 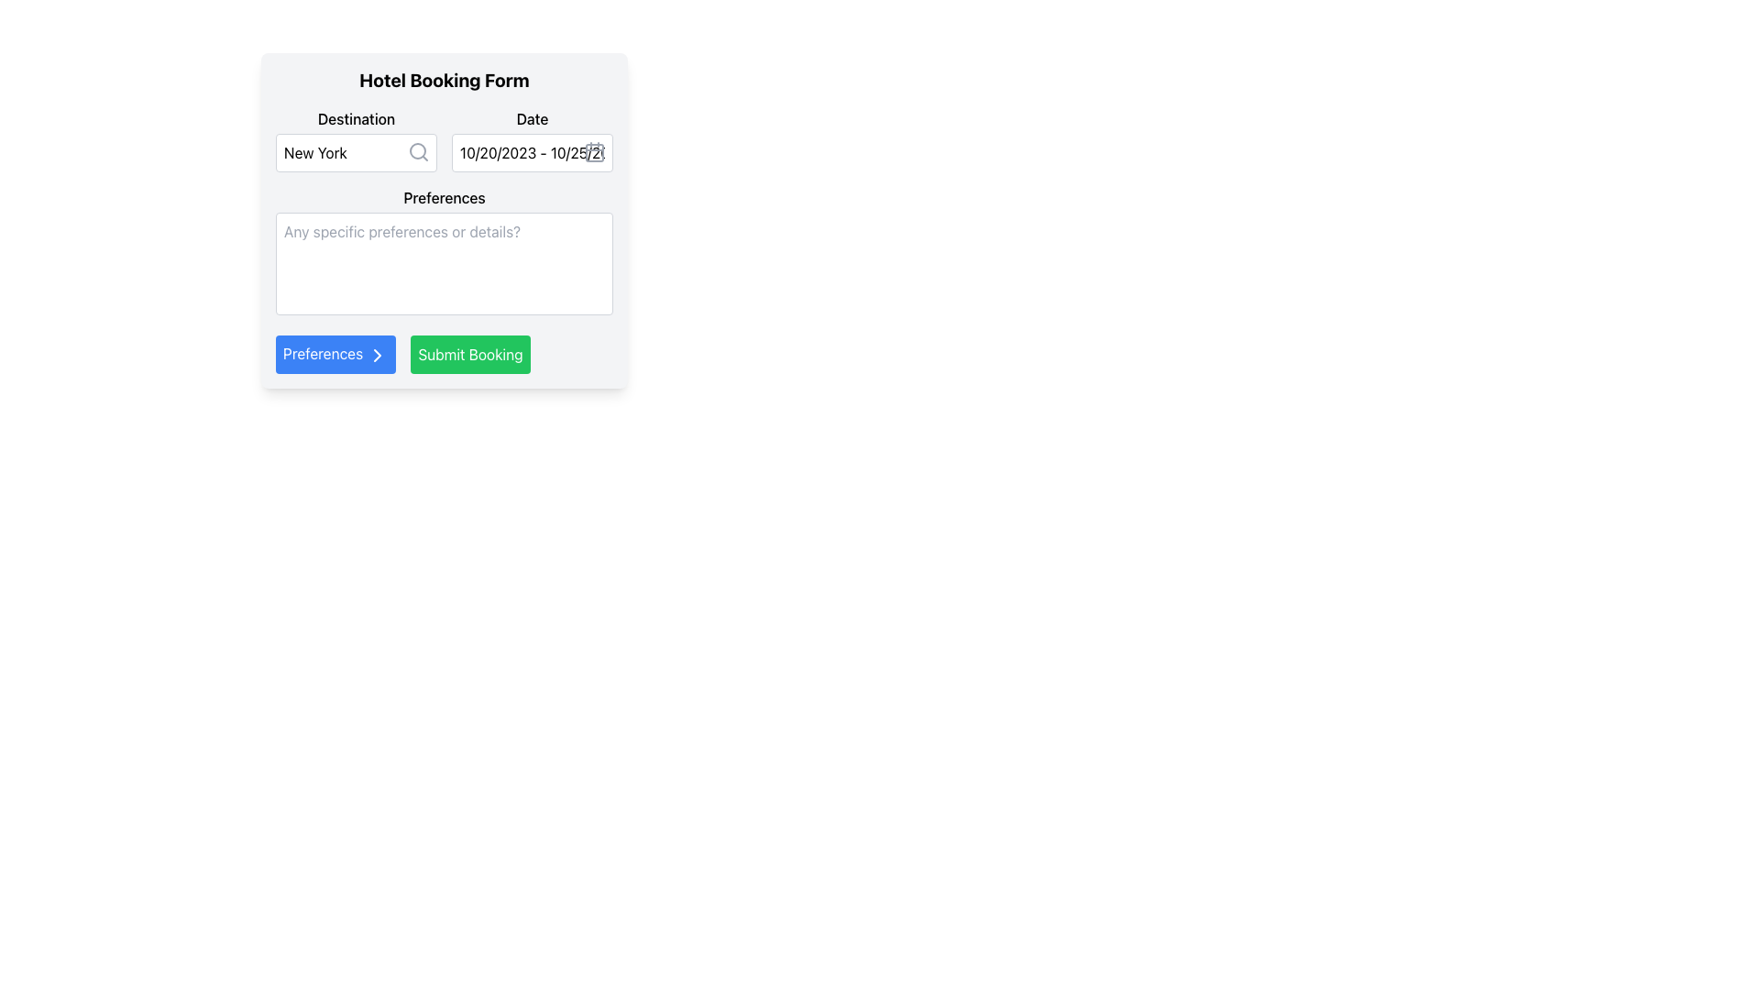 I want to click on the text label displaying 'Preferences' which is styled in bold black type and located above the text area, so click(x=444, y=198).